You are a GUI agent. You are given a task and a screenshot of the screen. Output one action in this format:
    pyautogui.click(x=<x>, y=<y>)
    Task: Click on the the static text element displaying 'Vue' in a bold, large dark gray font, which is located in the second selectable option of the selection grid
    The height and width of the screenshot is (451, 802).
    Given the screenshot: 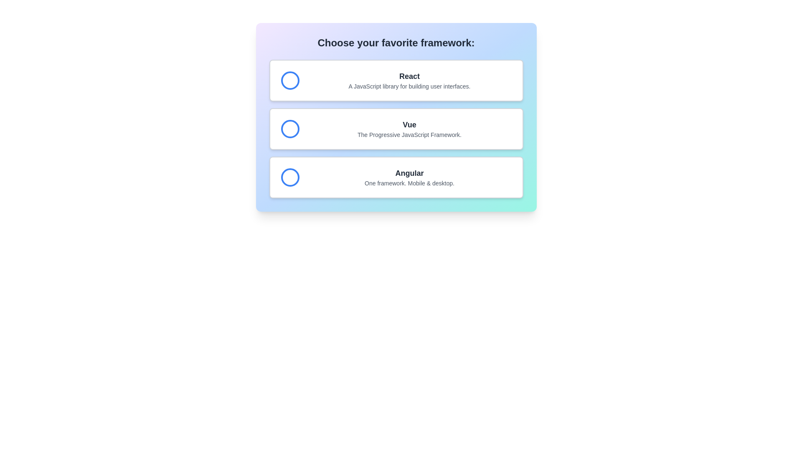 What is the action you would take?
    pyautogui.click(x=409, y=125)
    